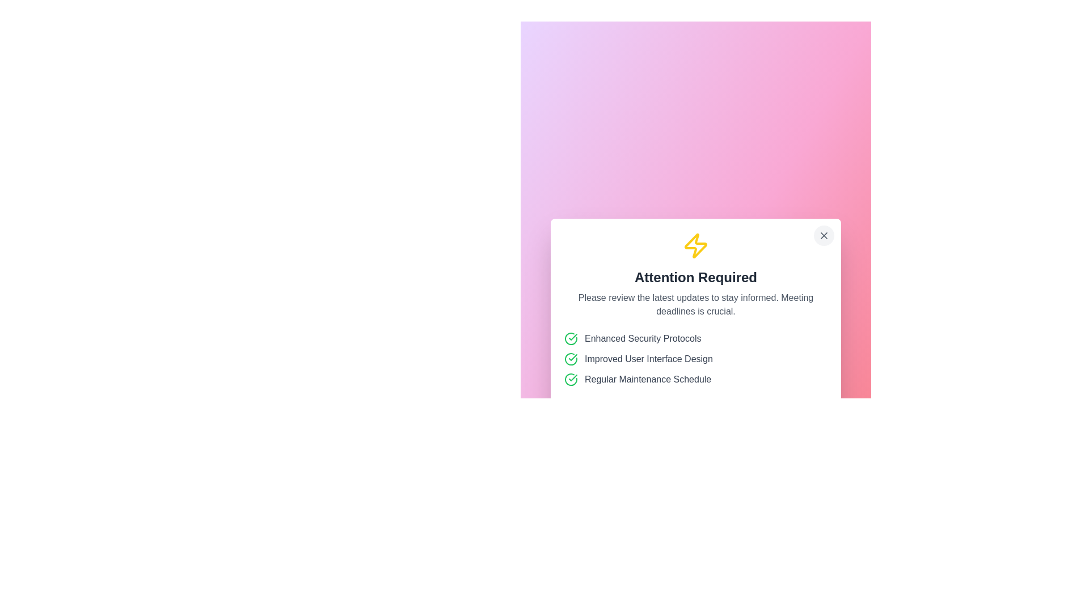 This screenshot has width=1089, height=612. What do you see at coordinates (824, 235) in the screenshot?
I see `the Close/Cancel Icon located in the top-right corner of the modal window through tab navigation` at bounding box center [824, 235].